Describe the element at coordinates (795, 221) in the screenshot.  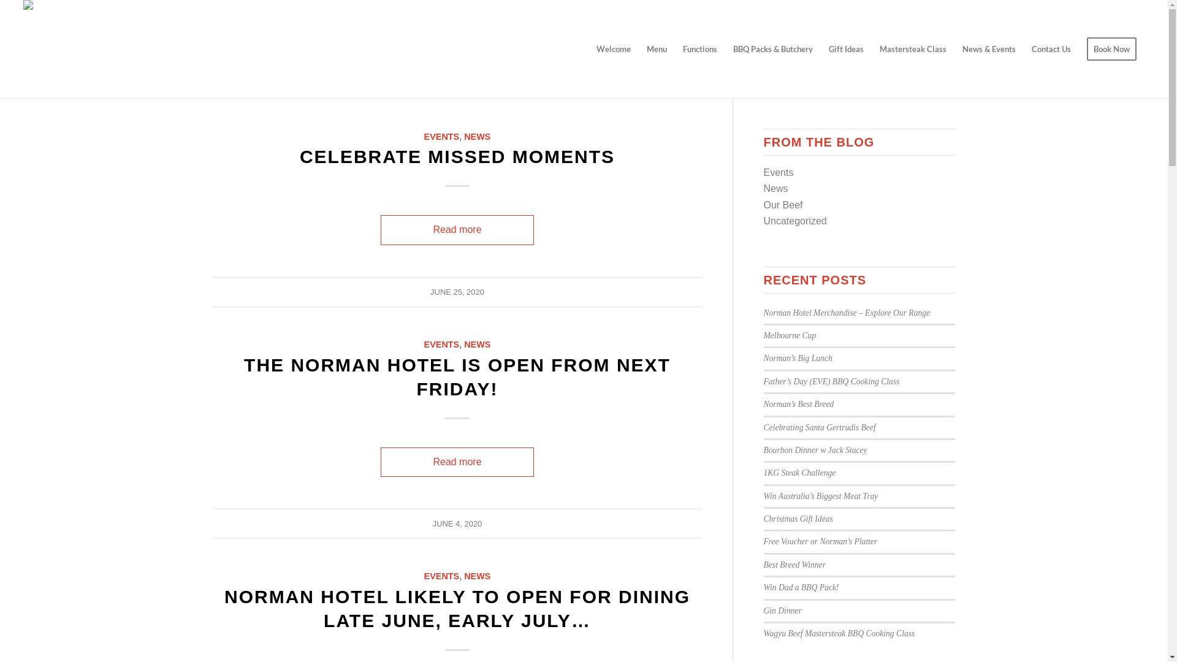
I see `'Uncategorized'` at that location.